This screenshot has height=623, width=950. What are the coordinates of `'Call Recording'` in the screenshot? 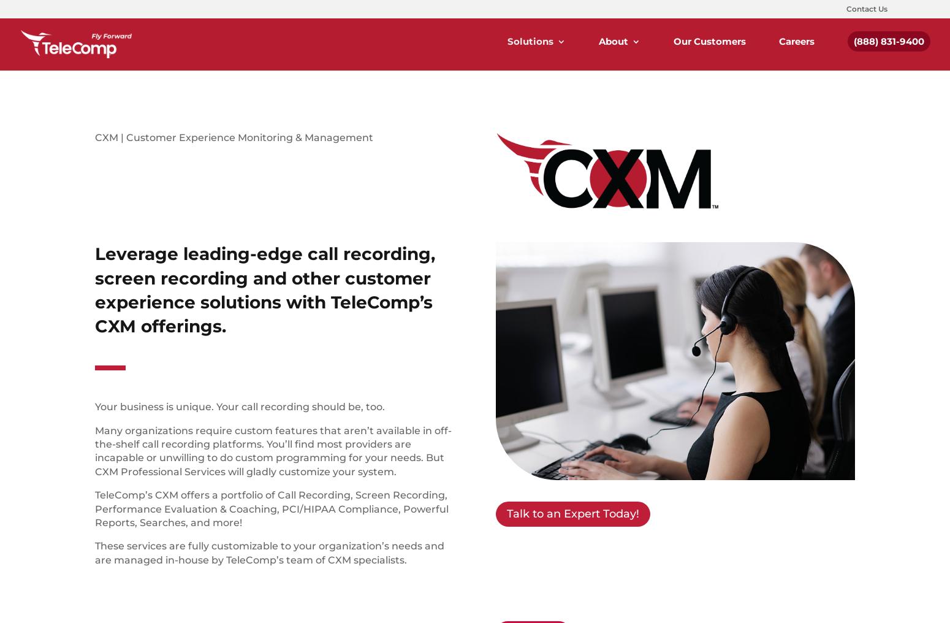 It's located at (709, 151).